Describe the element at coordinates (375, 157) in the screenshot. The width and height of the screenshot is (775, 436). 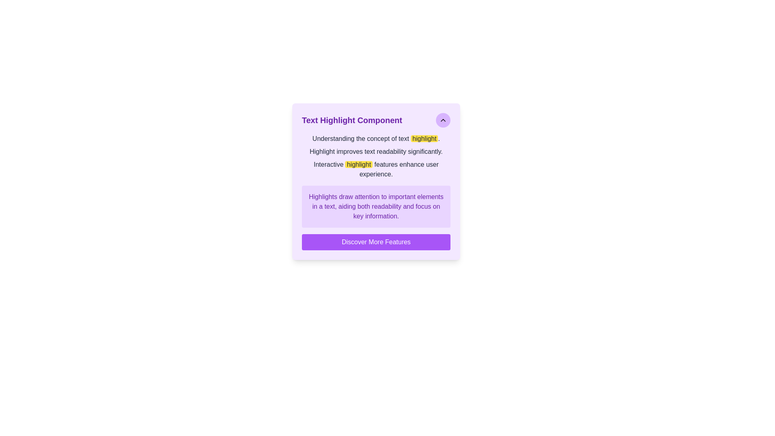
I see `the text block that contains emphasized words like 'highlight' in a panel titled 'Text Highlight Component', positioned centrally with a purple background` at that location.